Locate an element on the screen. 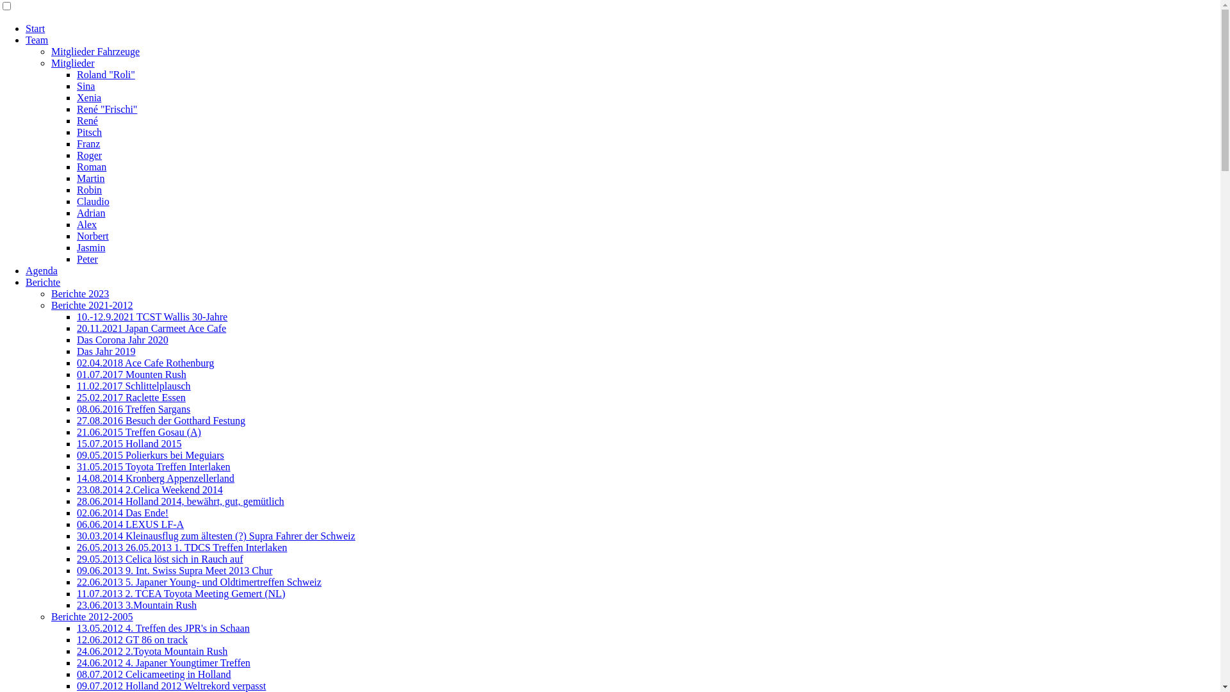 This screenshot has width=1230, height=692. 'Das Jahr 2019' is located at coordinates (76, 351).